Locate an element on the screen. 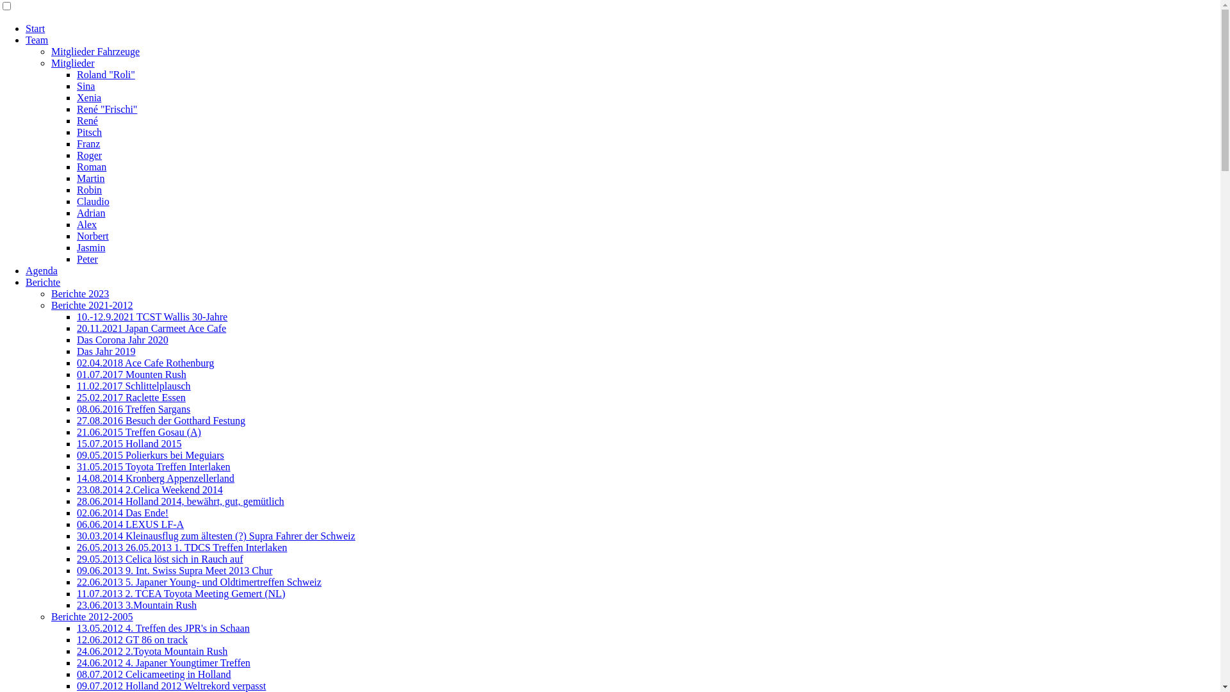 This screenshot has width=1230, height=692. 'Das Jahr 2019' is located at coordinates (76, 351).